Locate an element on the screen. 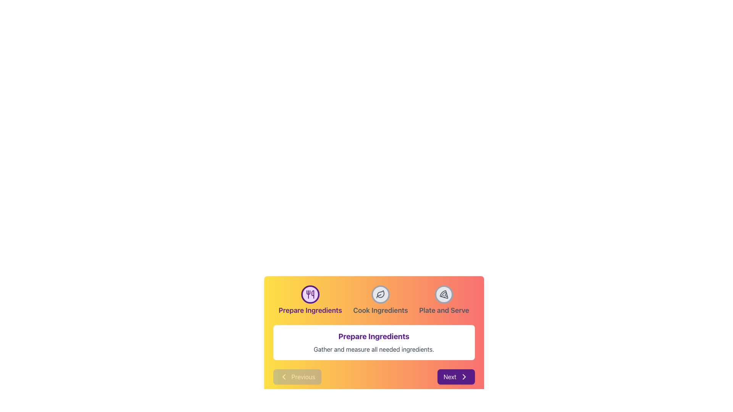  the instructional text label that suggests users gather and measure necessary components for a procedure, located at the center-bottom of the interface, below the title 'Prepare Ingredients' is located at coordinates (374, 349).